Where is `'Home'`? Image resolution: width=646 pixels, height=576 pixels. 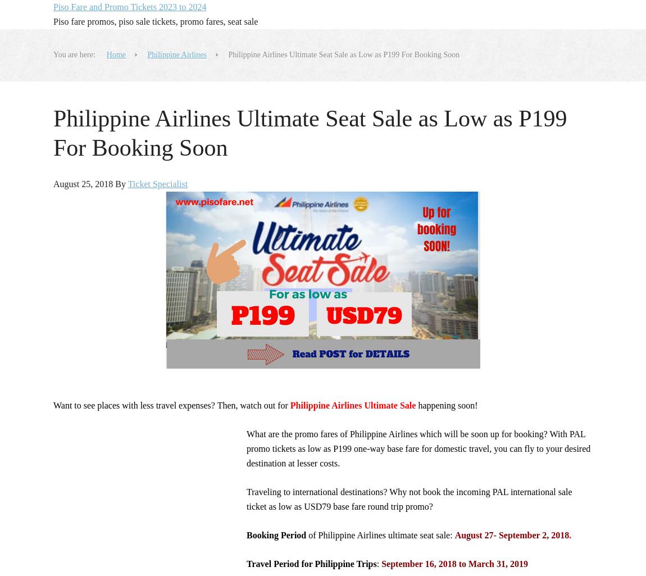 'Home' is located at coordinates (115, 55).